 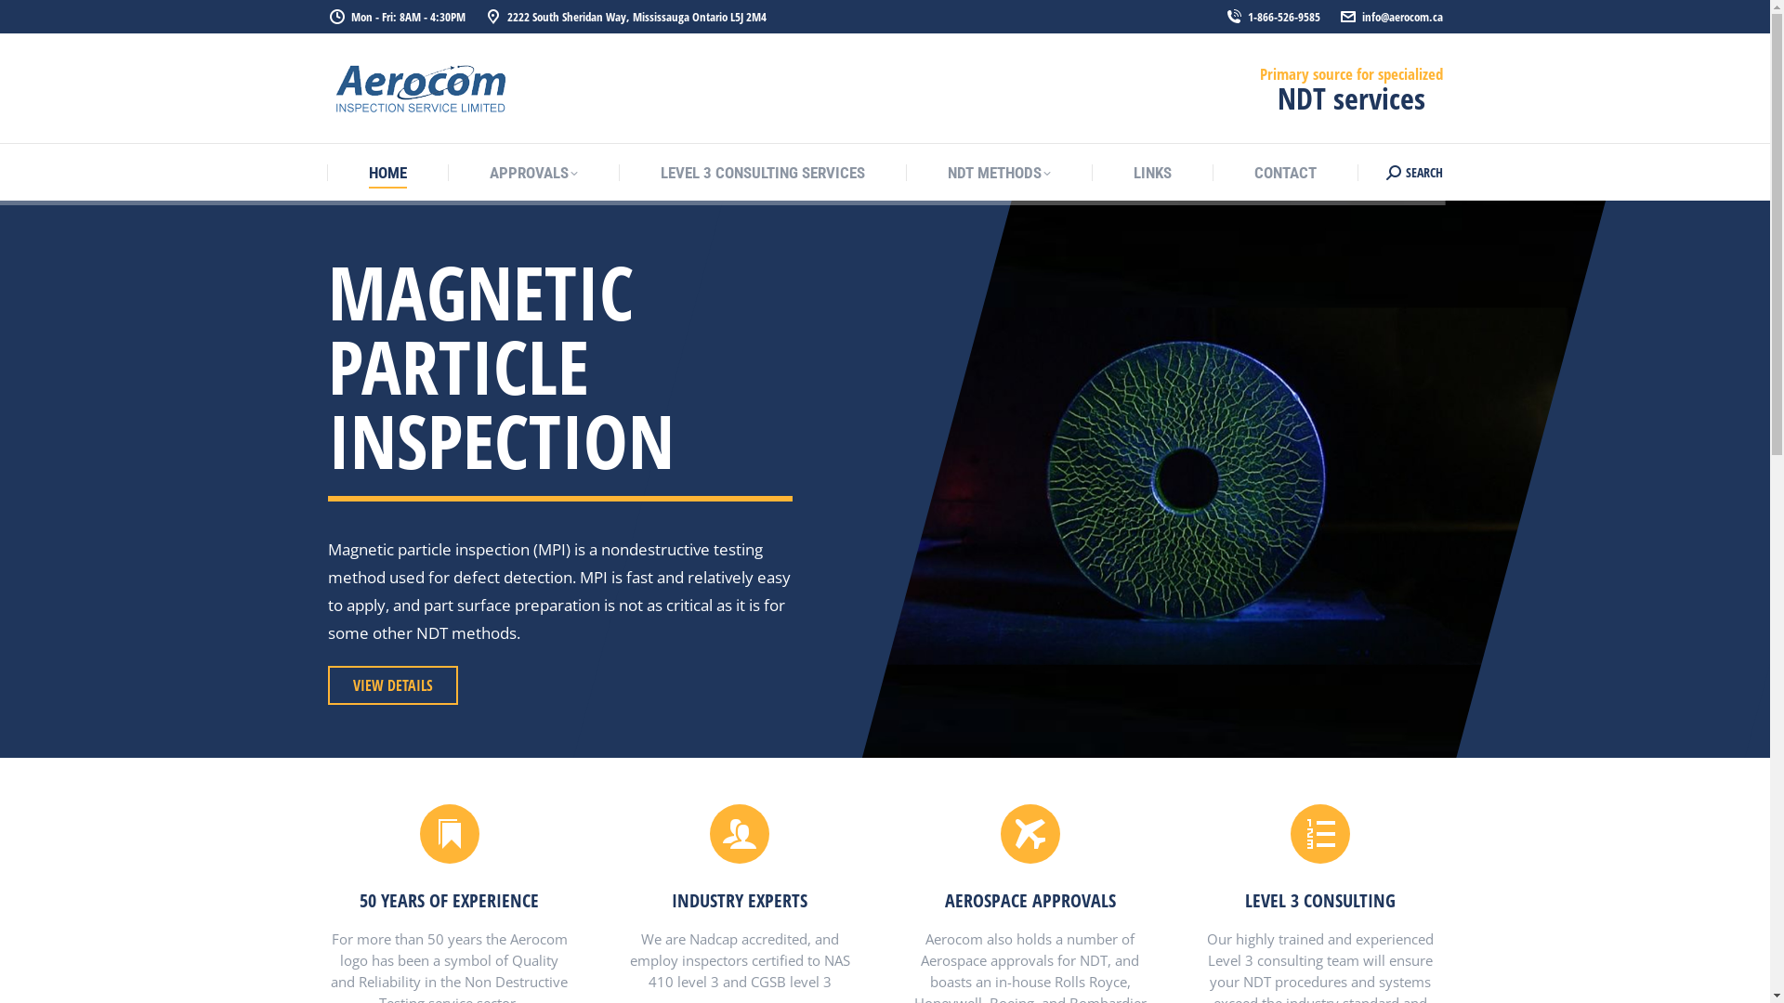 I want to click on 'LEVEL 3 CONSULTING SERVICES', so click(x=762, y=173).